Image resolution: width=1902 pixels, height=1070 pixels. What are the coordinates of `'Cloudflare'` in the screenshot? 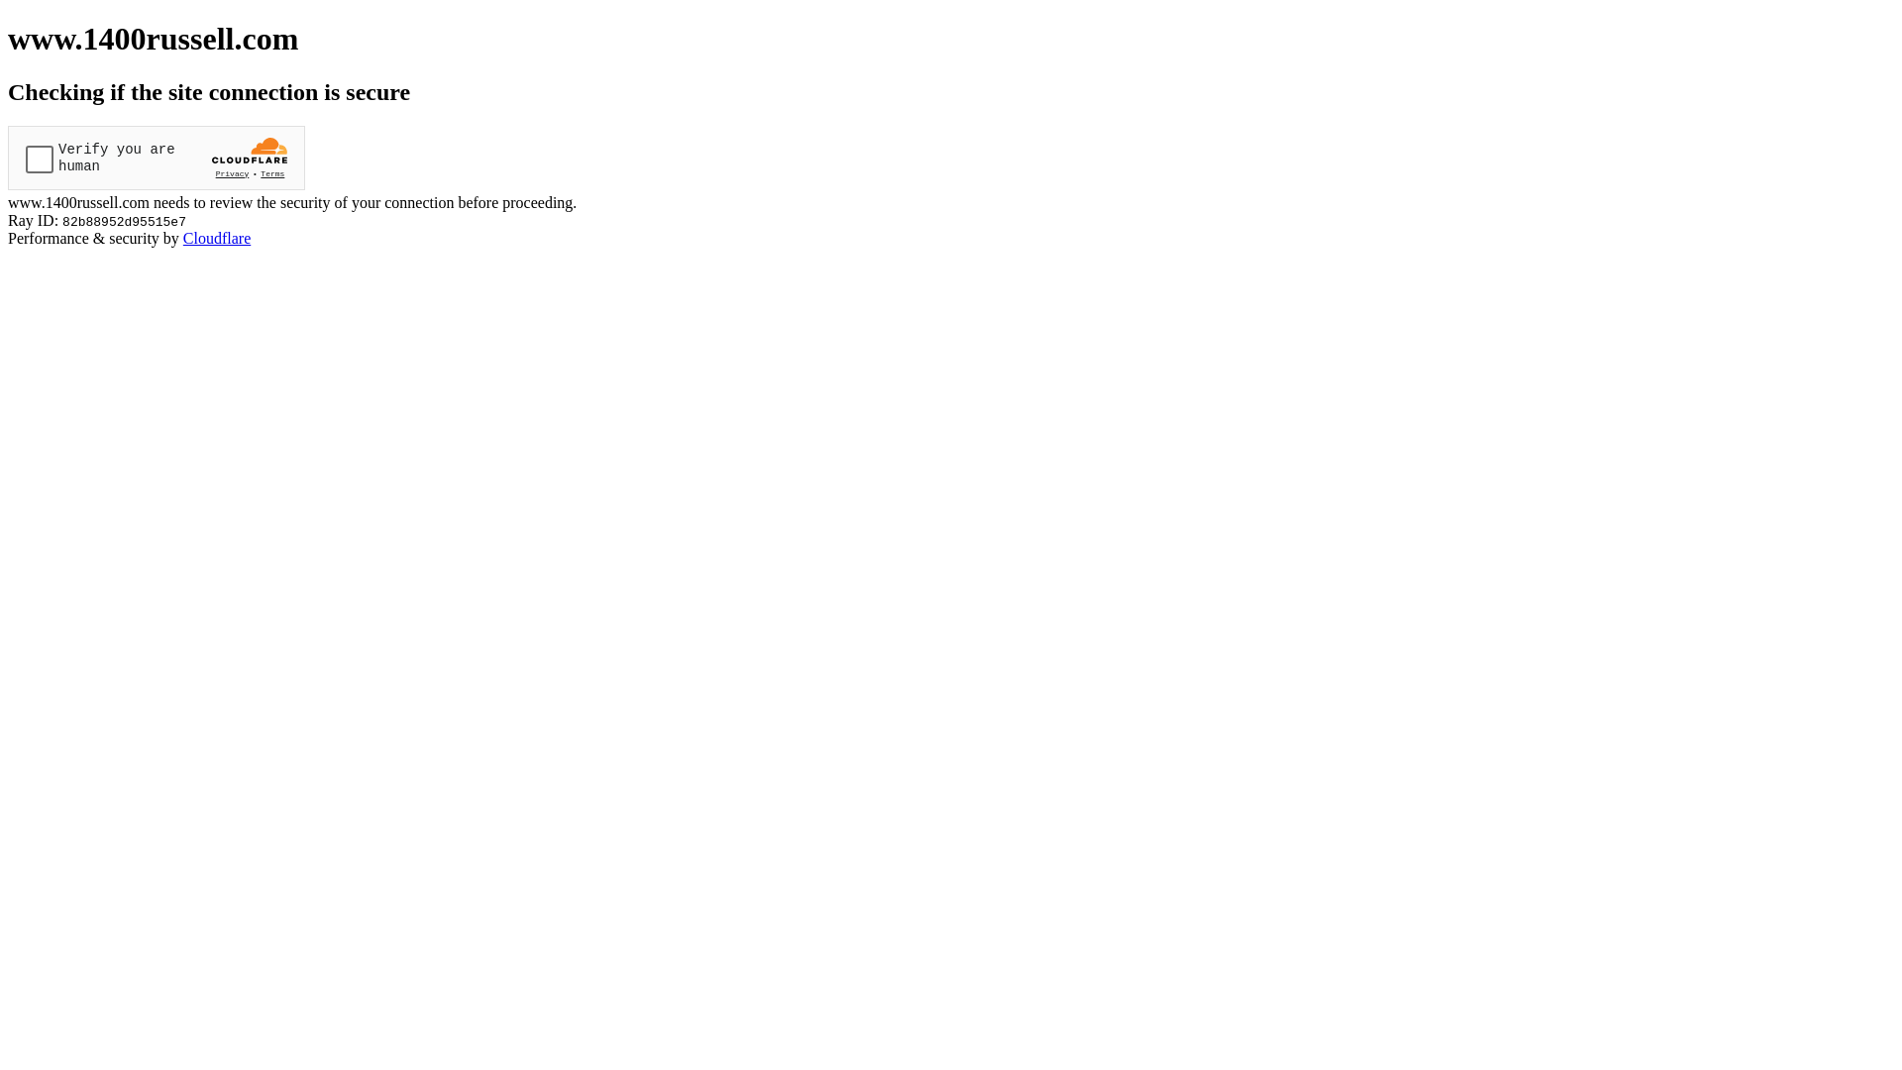 It's located at (217, 237).